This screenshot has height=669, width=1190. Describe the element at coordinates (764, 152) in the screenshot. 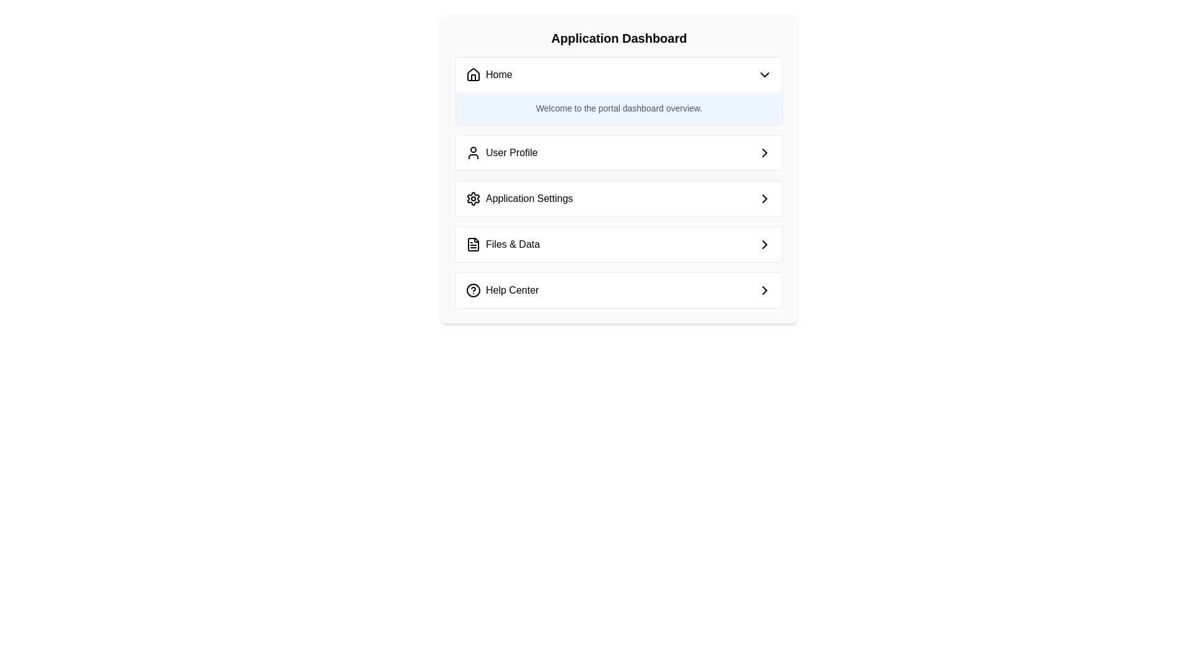

I see `the arrow indicator icon that suggests navigation or expansion for the User Profile section` at that location.